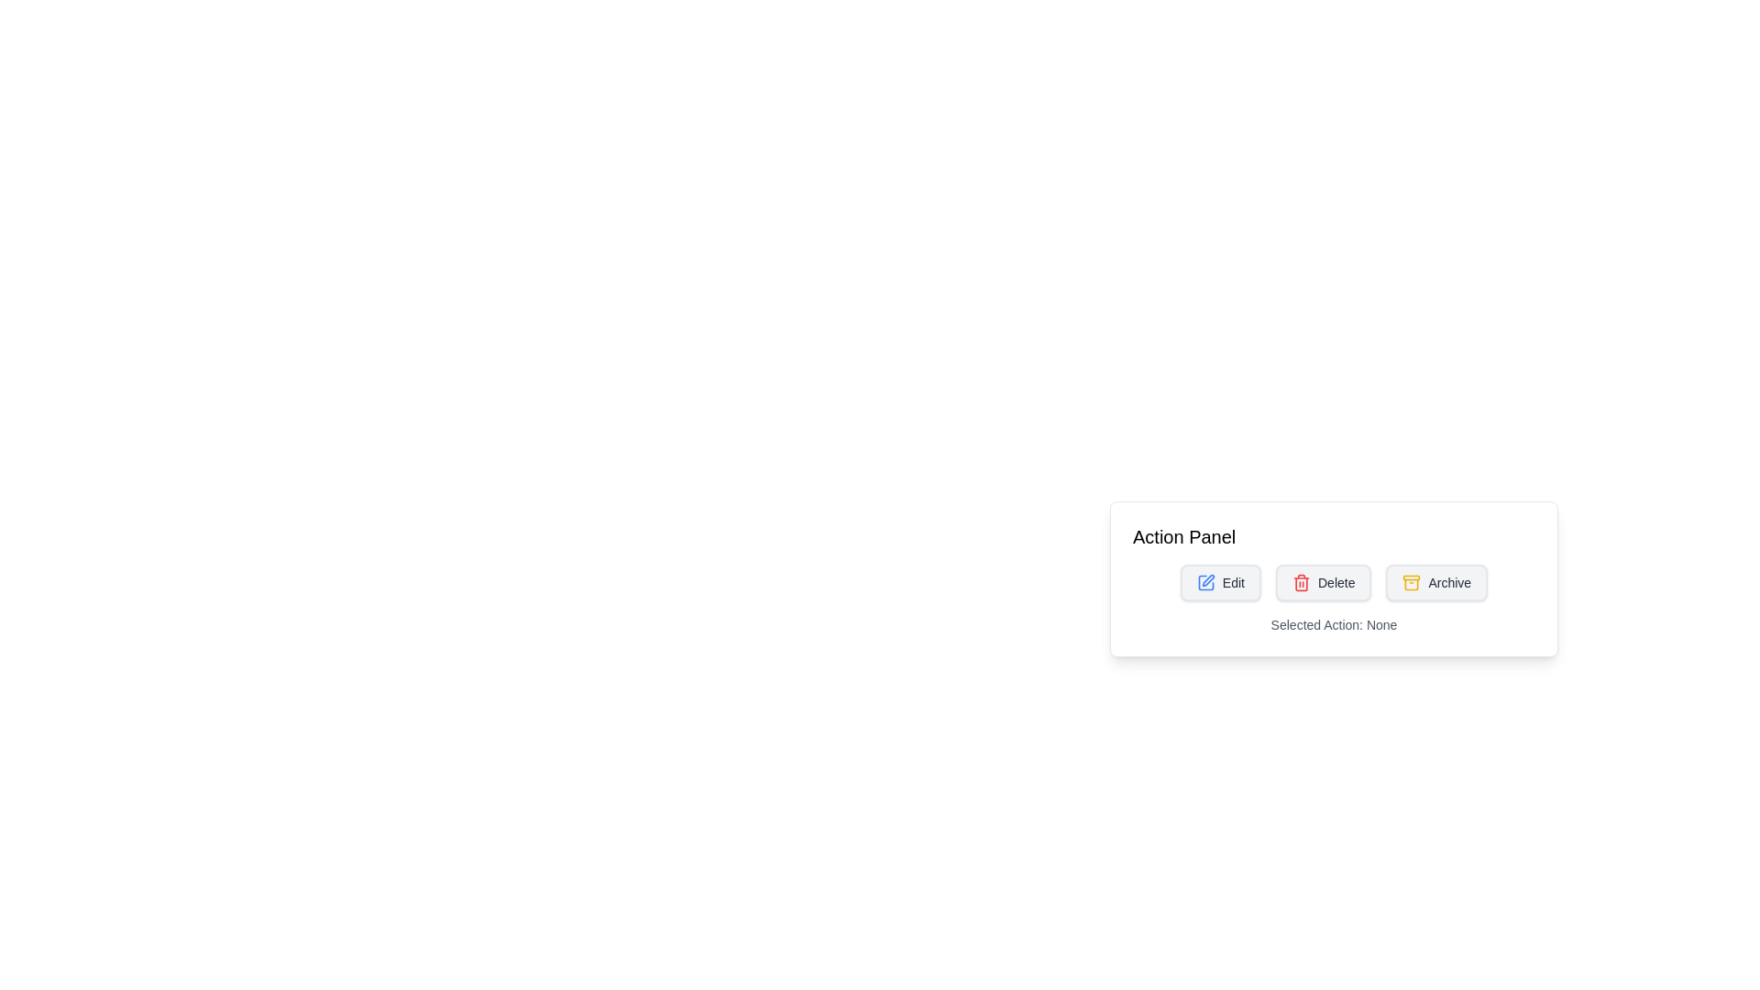 The height and width of the screenshot is (990, 1760). Describe the element at coordinates (1220, 583) in the screenshot. I see `the 'Edit' button, which features a blue pencil icon and gray text, located in the Action Panel` at that location.